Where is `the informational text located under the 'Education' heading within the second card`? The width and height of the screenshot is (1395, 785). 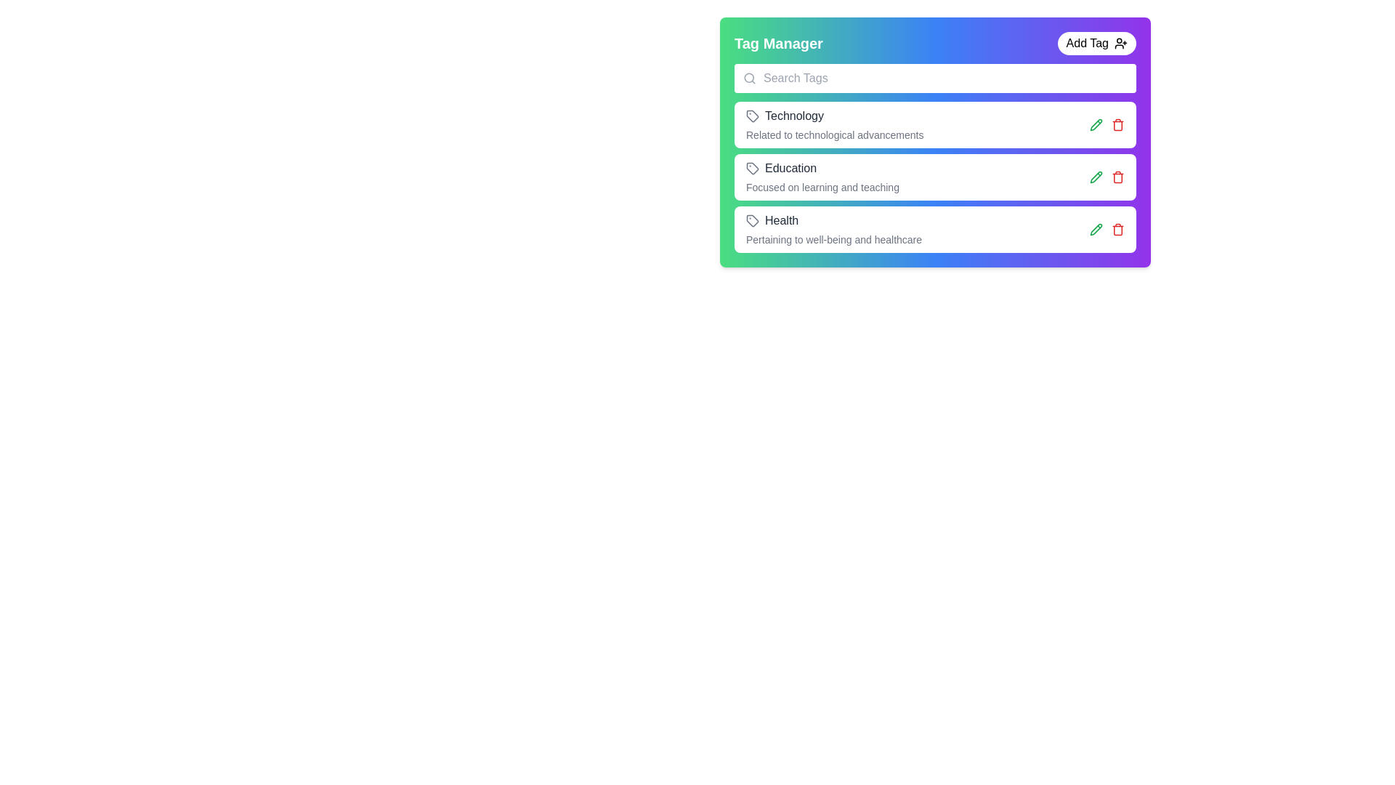
the informational text located under the 'Education' heading within the second card is located at coordinates (822, 187).